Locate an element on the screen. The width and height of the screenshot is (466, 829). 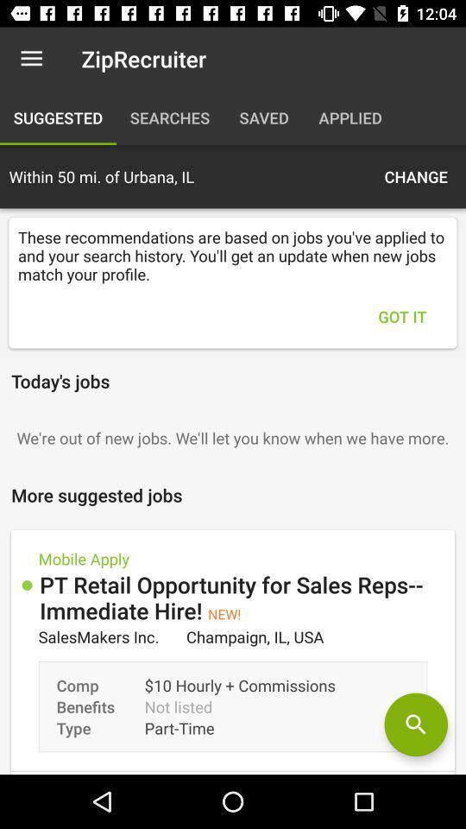
got it on the right is located at coordinates (402, 315).